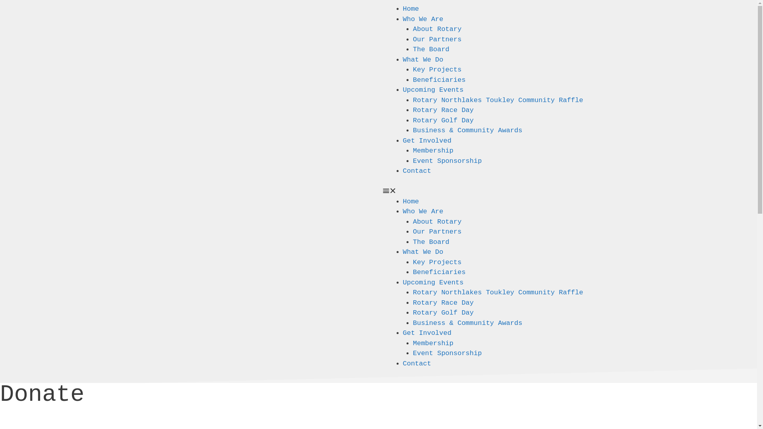 Image resolution: width=763 pixels, height=429 pixels. I want to click on 'Get Involved', so click(427, 140).